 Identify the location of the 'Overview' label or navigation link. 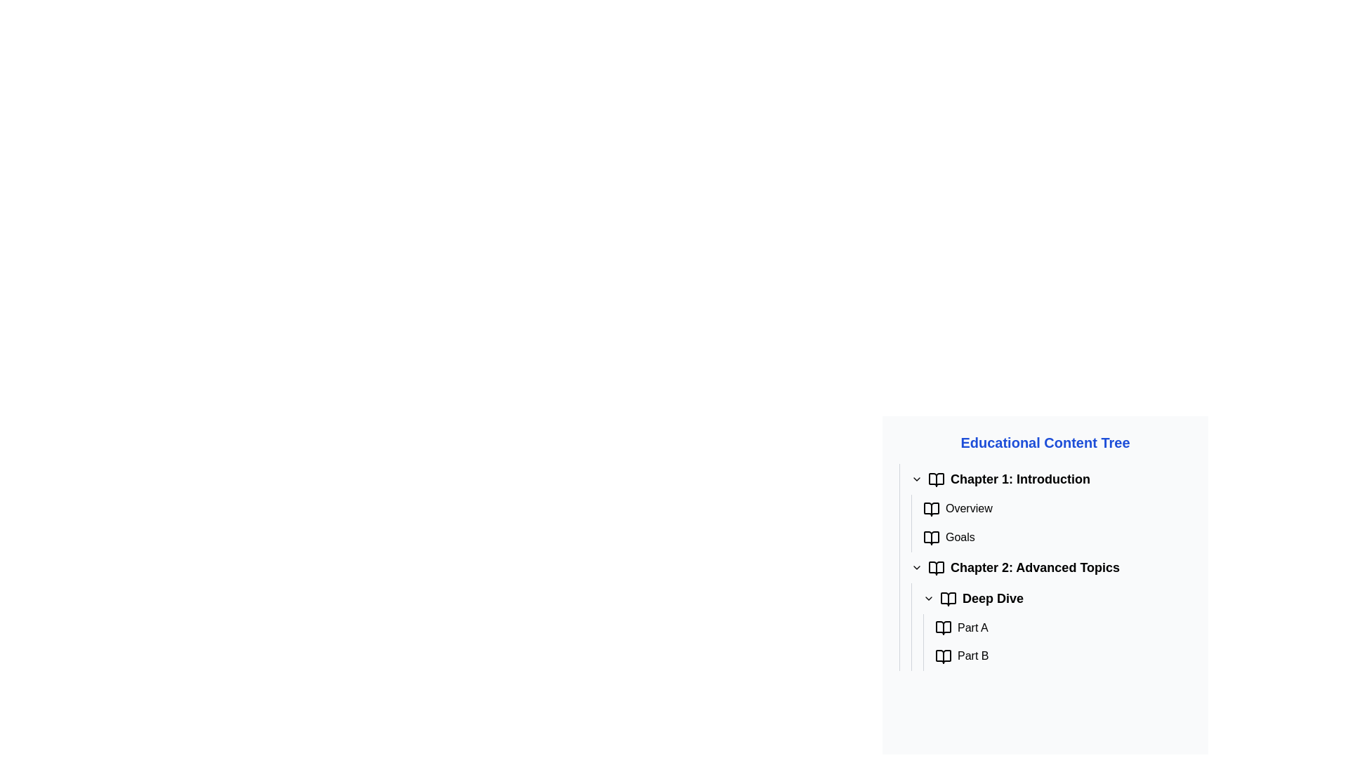
(1057, 509).